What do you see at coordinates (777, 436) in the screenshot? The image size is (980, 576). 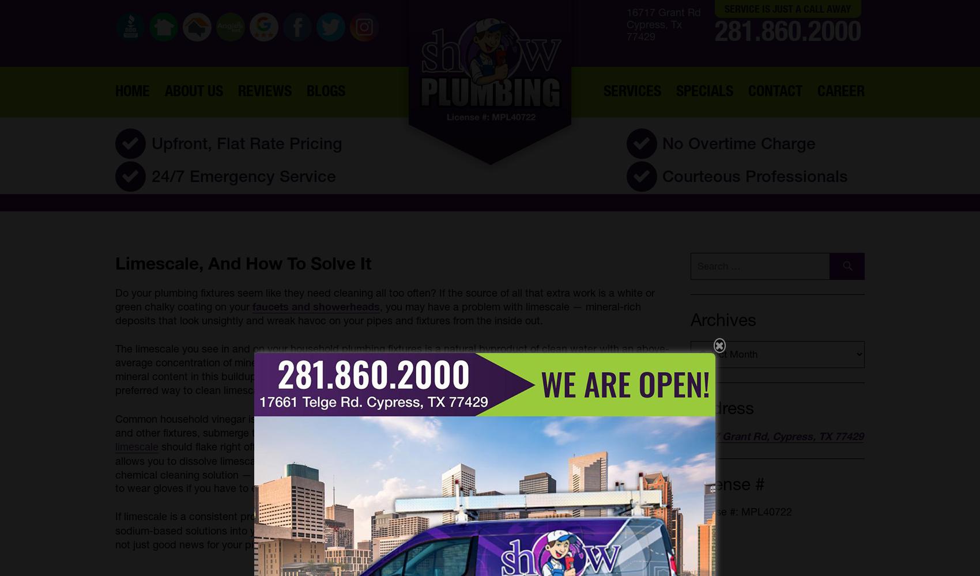 I see `'16717 Grant Rd, Cypress, TX 77429'` at bounding box center [777, 436].